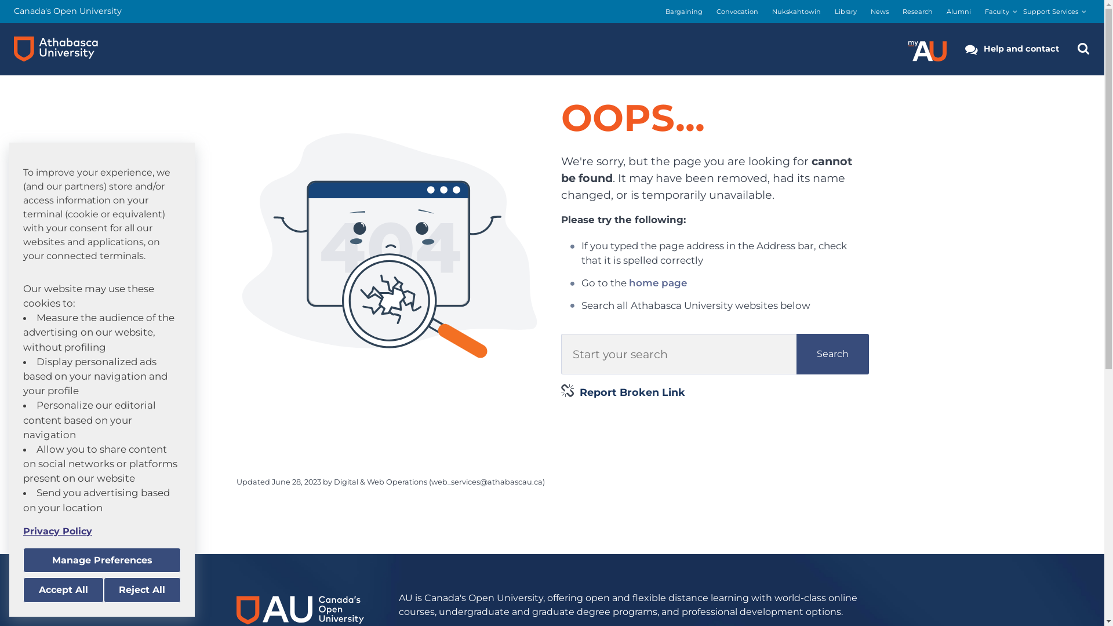  I want to click on 'Accept All', so click(63, 590).